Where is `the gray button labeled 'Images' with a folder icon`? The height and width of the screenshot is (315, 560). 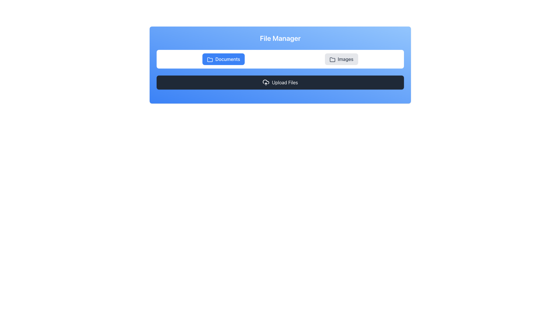 the gray button labeled 'Images' with a folder icon is located at coordinates (341, 59).